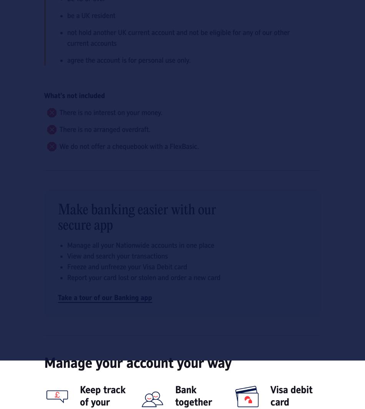  Describe the element at coordinates (129, 146) in the screenshot. I see `'We do not offer a chequebook with a FlexBasic.'` at that location.